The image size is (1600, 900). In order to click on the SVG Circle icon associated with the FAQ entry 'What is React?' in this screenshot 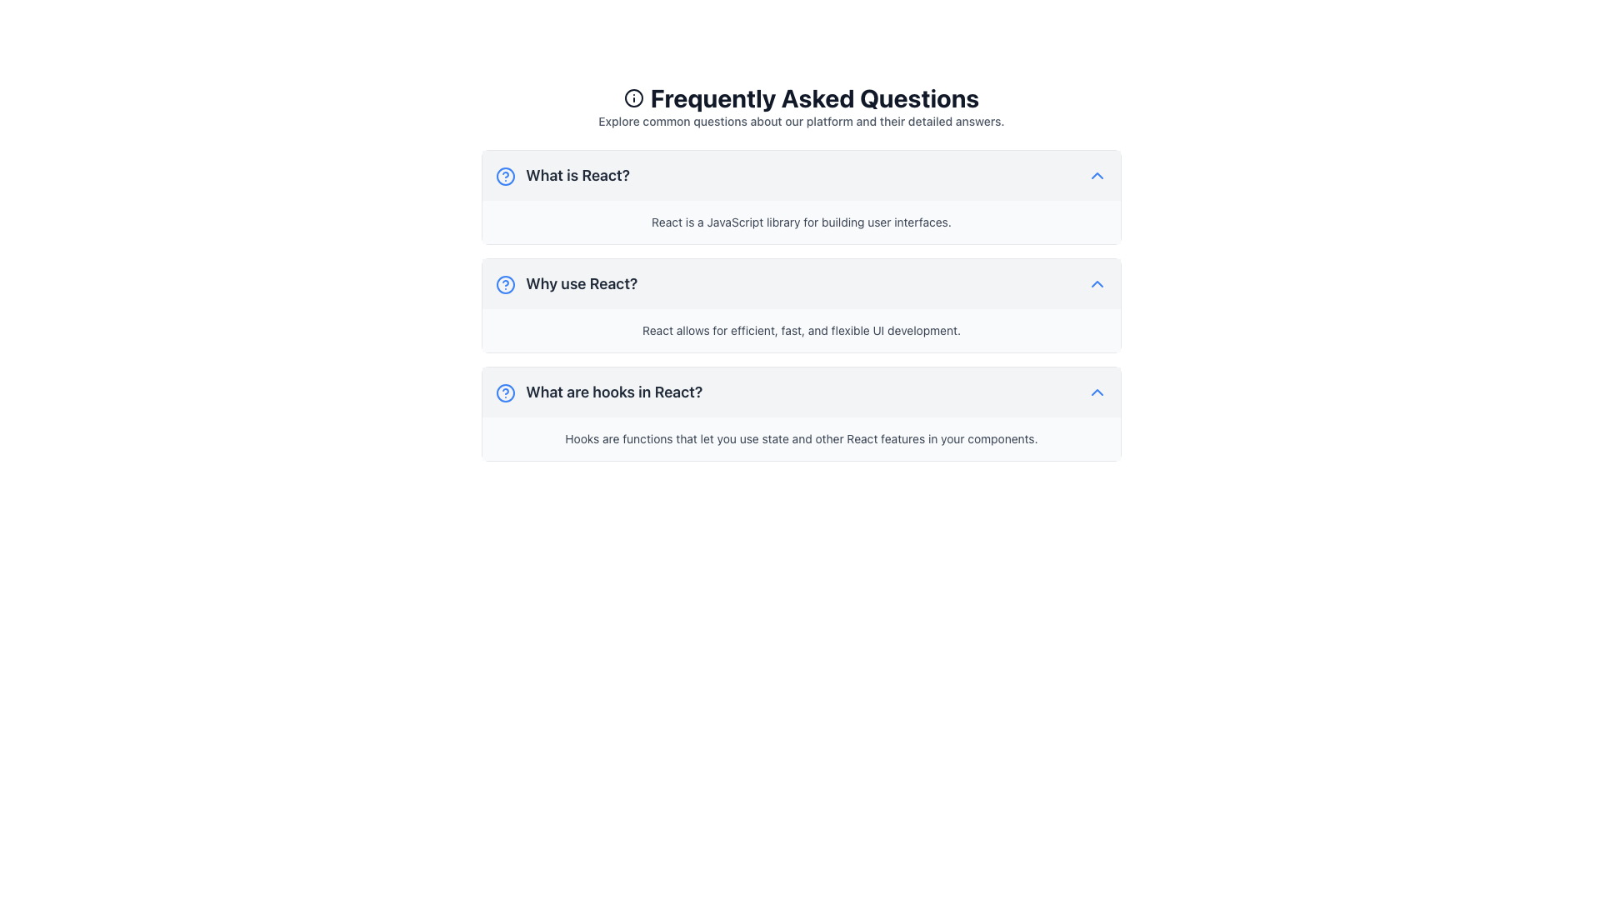, I will do `click(504, 177)`.